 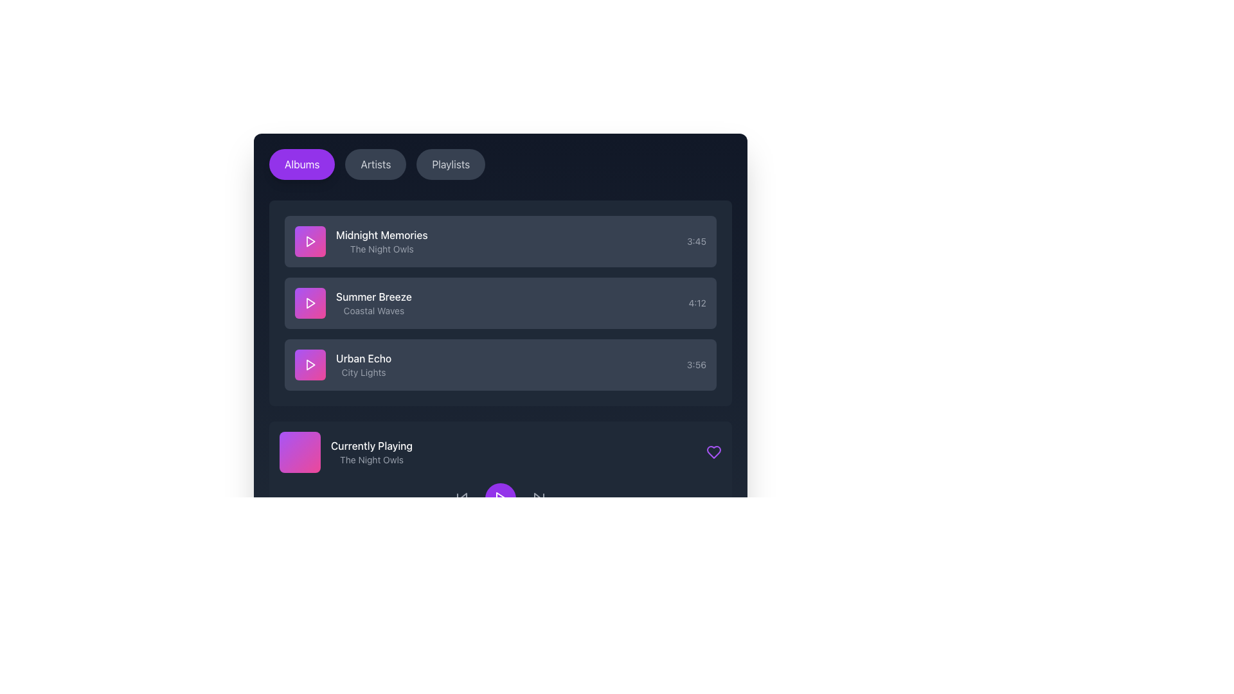 What do you see at coordinates (451, 163) in the screenshot?
I see `the 'Playlists' button, which is the third button in a group of three buttons ('Albums,' 'Artists,' and 'Playlists')` at bounding box center [451, 163].